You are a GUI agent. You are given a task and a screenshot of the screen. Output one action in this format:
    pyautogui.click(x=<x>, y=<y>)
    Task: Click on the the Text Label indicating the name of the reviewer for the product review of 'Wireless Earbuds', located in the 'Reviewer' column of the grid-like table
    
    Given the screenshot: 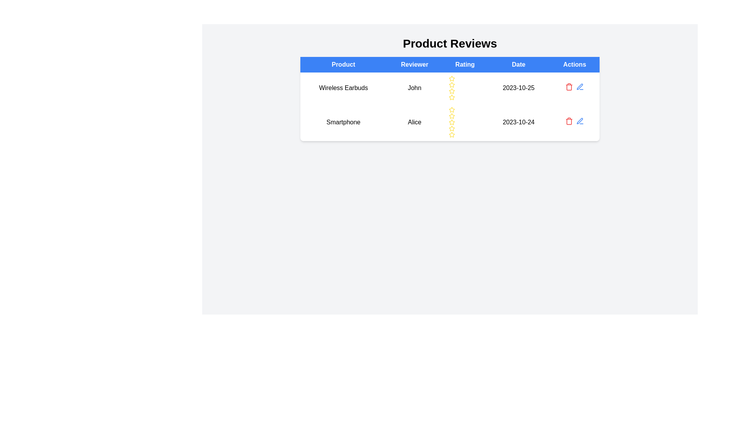 What is the action you would take?
    pyautogui.click(x=414, y=88)
    